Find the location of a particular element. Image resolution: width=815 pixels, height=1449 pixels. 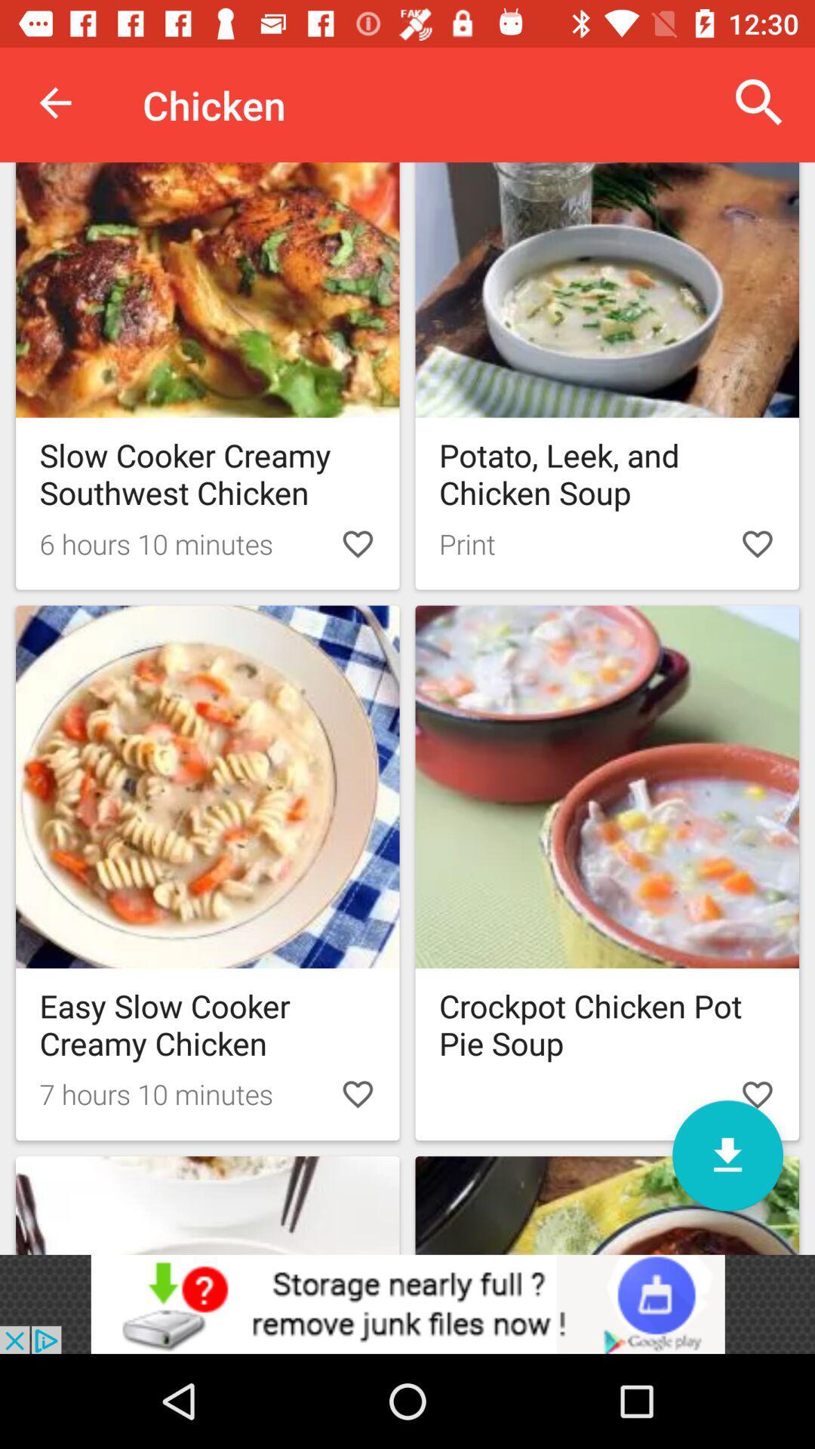

the file_download icon is located at coordinates (727, 1155).